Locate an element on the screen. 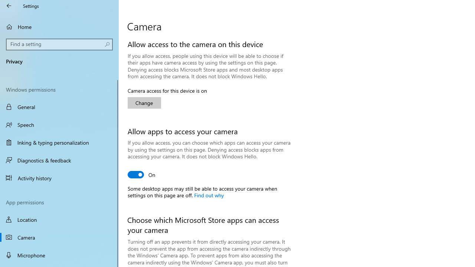 The width and height of the screenshot is (475, 267). 'Location' is located at coordinates (59, 219).